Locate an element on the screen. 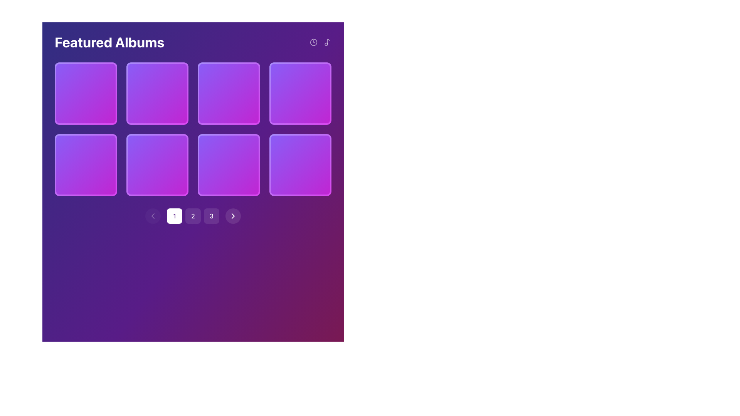 This screenshot has width=740, height=416. the clickable interactive album card located in the second row and third column of a 3x4 grid layout is located at coordinates (300, 164).